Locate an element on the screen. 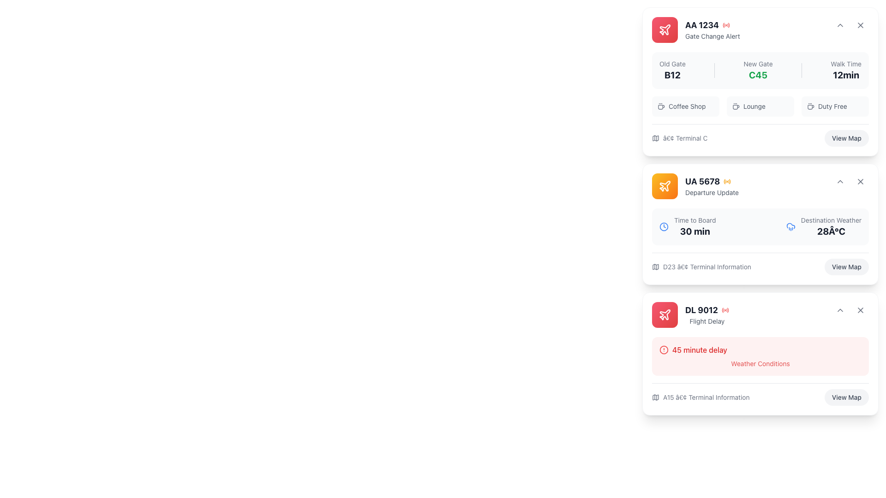 Image resolution: width=886 pixels, height=498 pixels. terminal location text label located at the bottom section of the 'UA 5678 Departure Update' flight information card, which is positioned above the 'View Map' button is located at coordinates (706, 267).